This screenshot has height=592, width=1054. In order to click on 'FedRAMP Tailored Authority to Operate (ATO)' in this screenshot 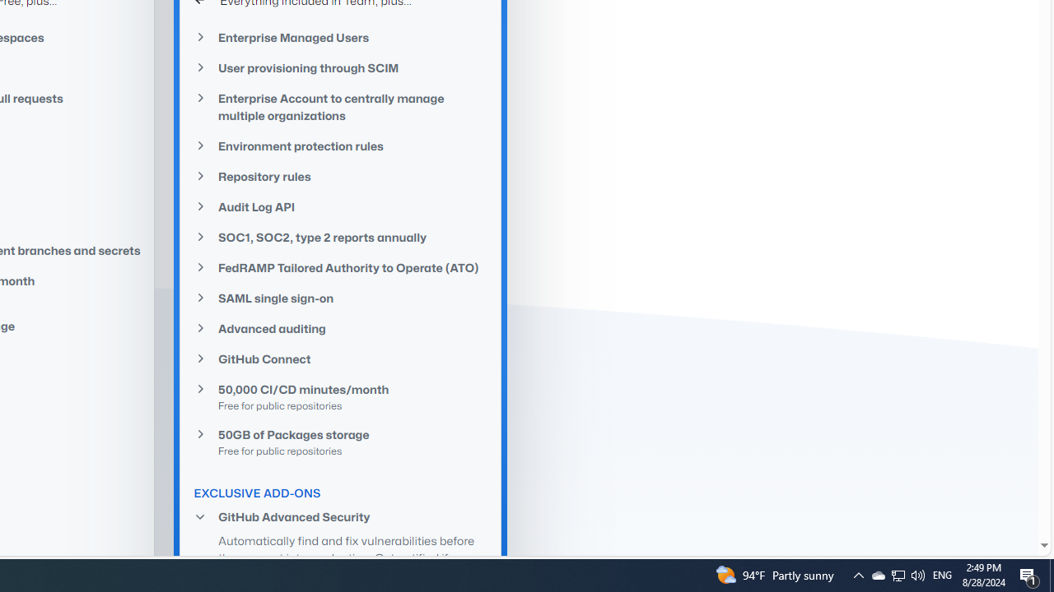, I will do `click(340, 266)`.